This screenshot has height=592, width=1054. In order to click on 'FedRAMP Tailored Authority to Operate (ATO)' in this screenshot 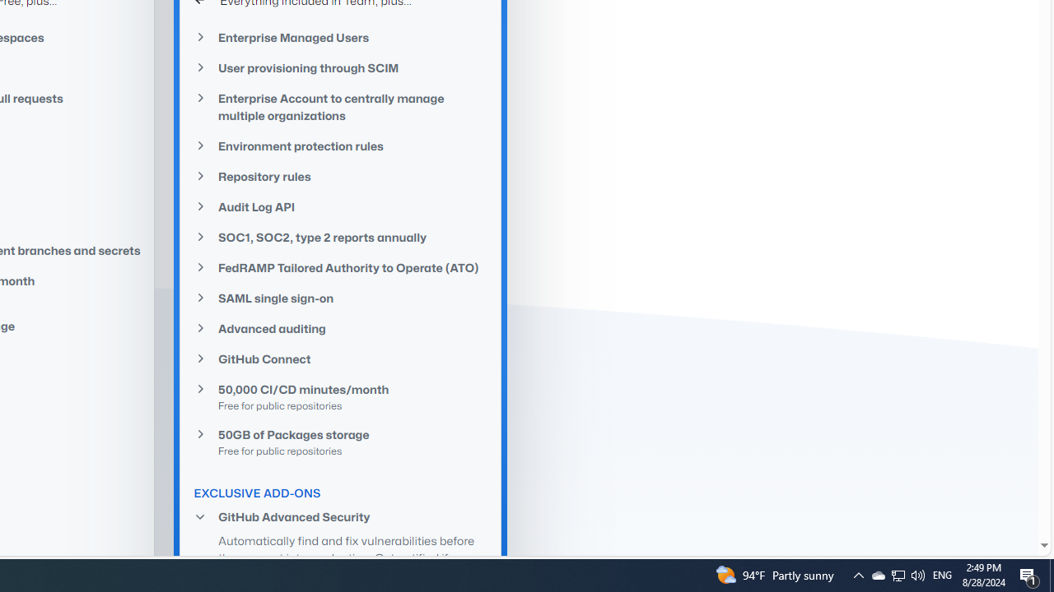, I will do `click(340, 266)`.